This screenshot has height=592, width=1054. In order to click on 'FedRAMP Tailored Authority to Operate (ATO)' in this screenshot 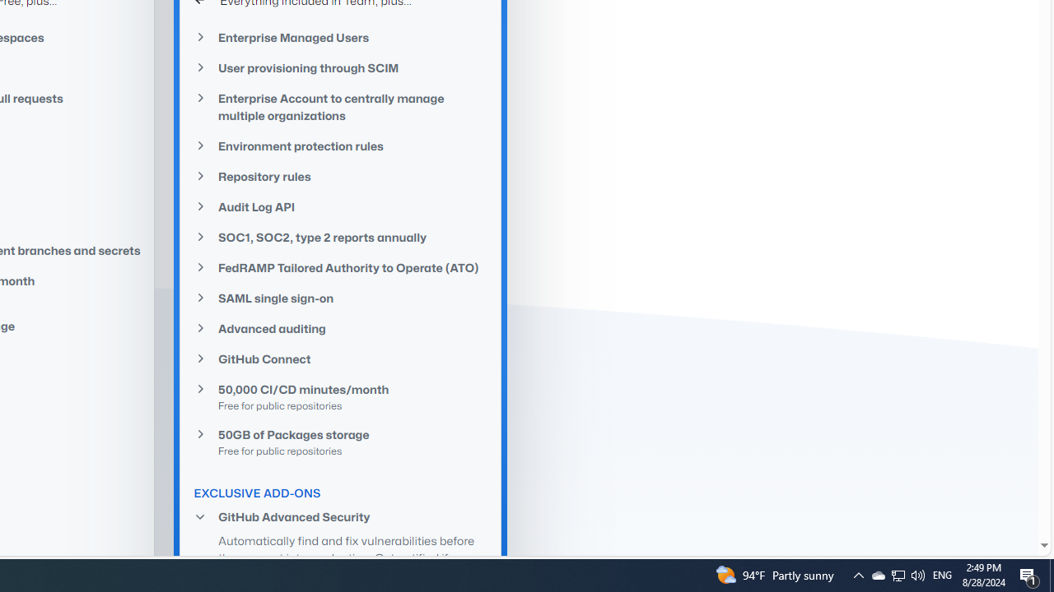, I will do `click(340, 266)`.